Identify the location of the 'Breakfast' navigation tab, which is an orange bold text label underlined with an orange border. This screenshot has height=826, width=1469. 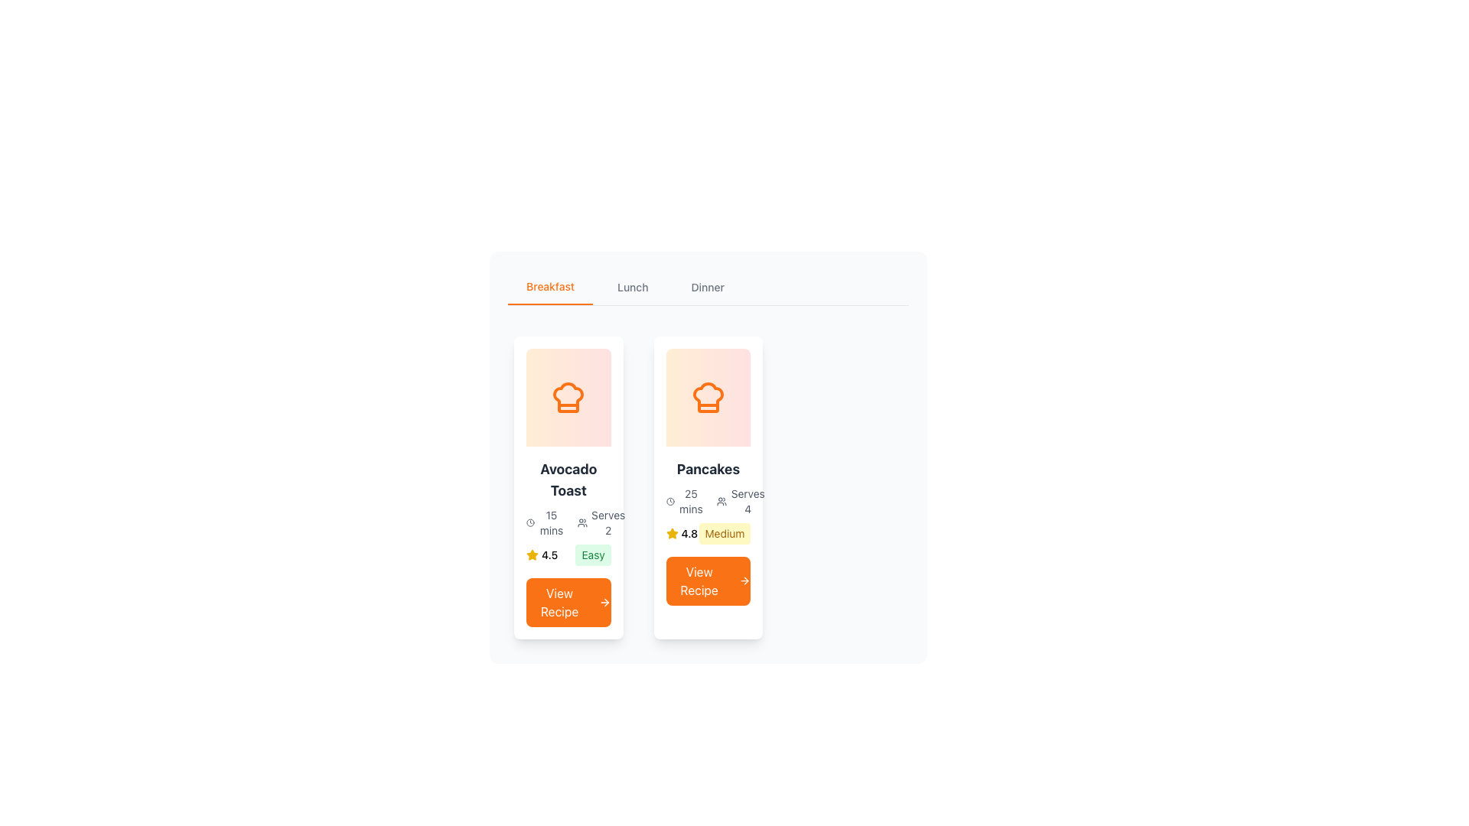
(550, 287).